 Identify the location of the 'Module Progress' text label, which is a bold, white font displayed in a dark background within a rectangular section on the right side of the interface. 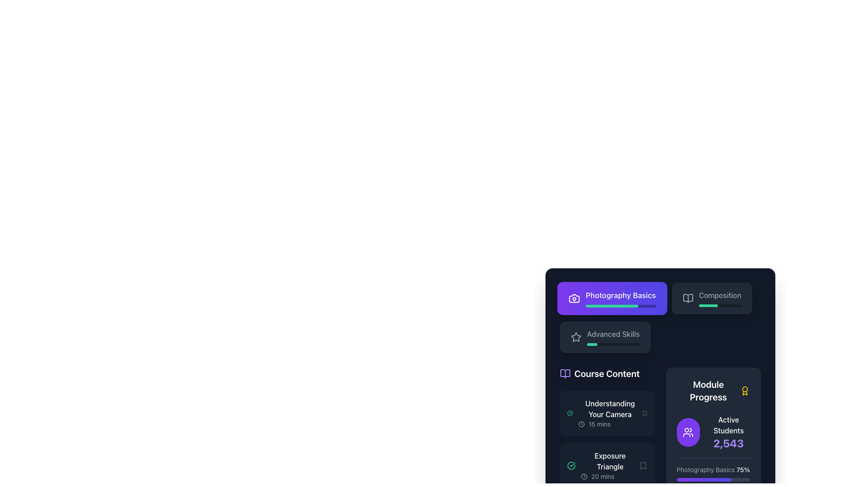
(708, 391).